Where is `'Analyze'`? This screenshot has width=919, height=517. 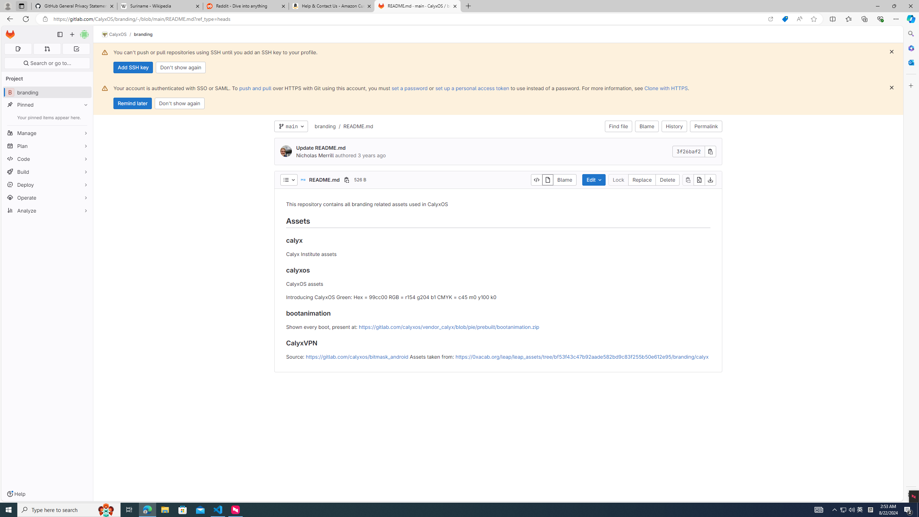
'Analyze' is located at coordinates (47, 210).